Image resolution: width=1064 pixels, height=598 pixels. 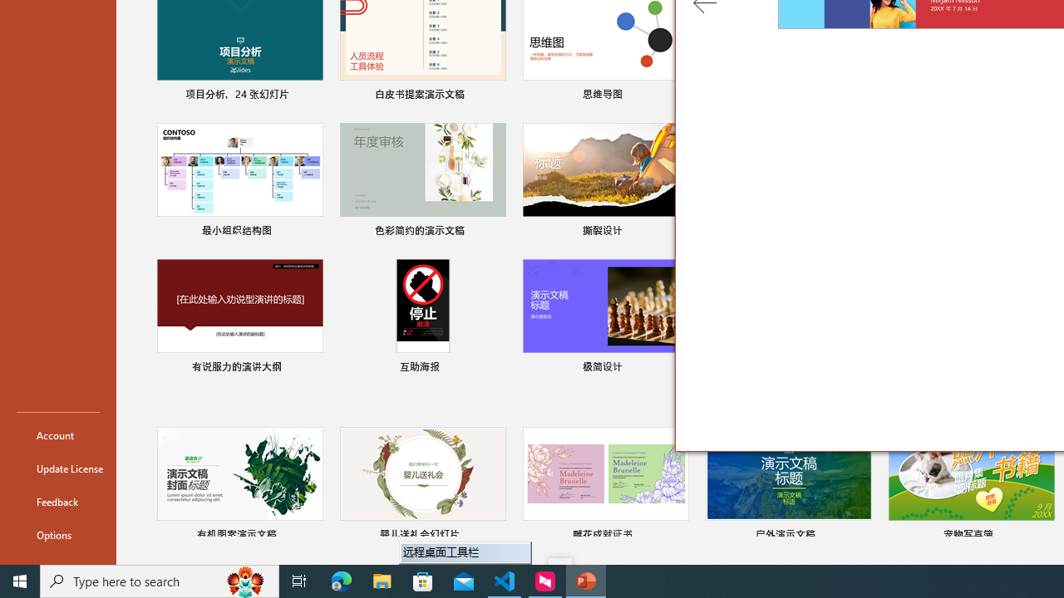 I want to click on 'Microsoft Store', so click(x=423, y=580).